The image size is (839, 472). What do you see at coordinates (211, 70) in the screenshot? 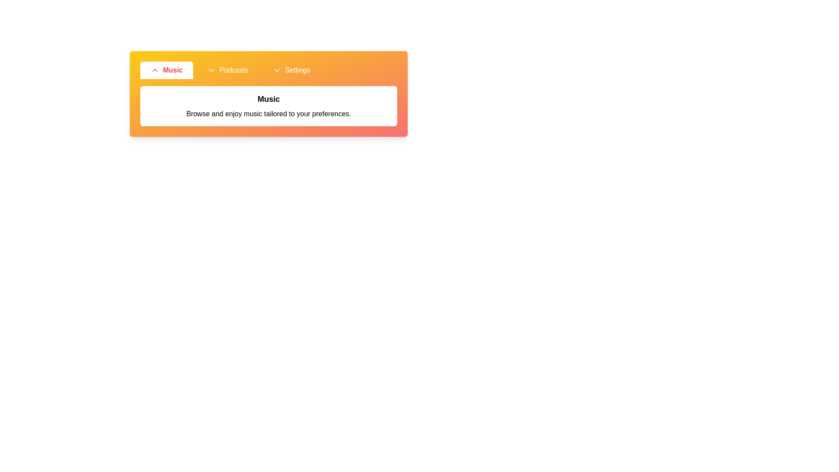
I see `the chevron icon of the tab labeled Podcasts` at bounding box center [211, 70].